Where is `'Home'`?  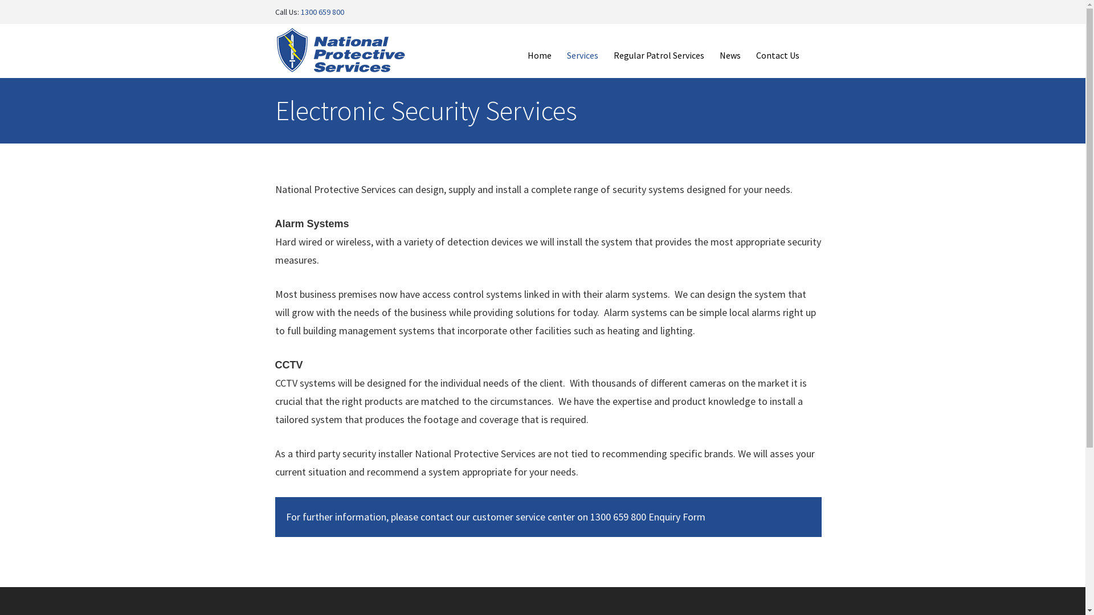
'Home' is located at coordinates (538, 55).